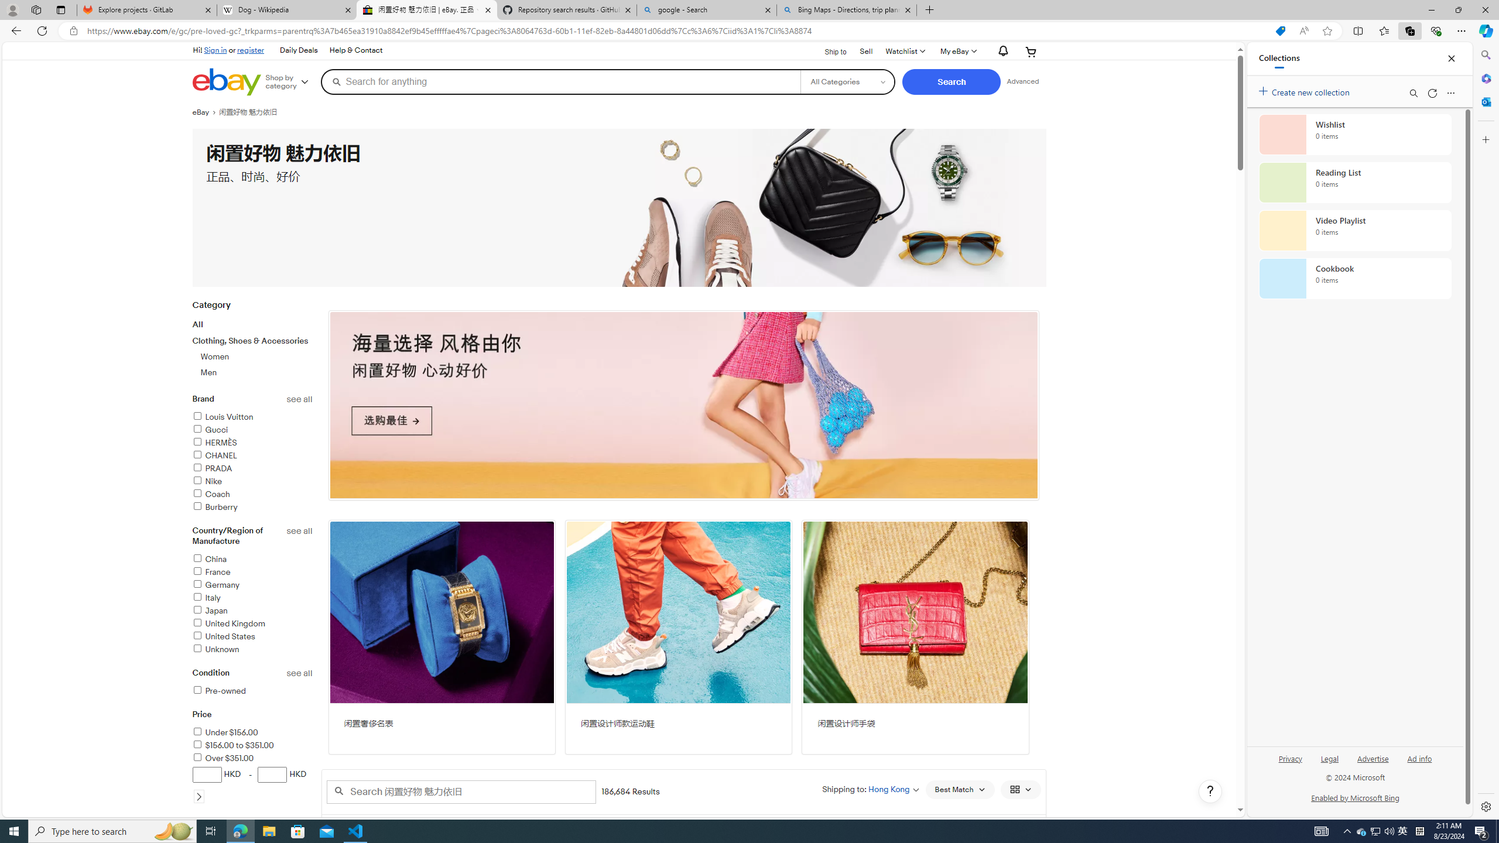 This screenshot has height=843, width=1499. Describe the element at coordinates (355, 51) in the screenshot. I see `'Help & Contact'` at that location.